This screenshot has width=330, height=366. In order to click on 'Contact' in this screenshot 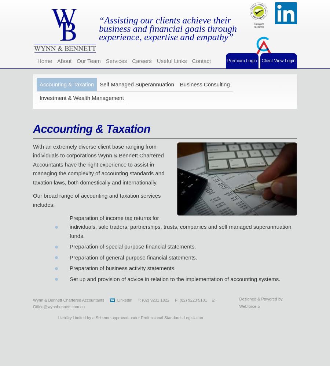, I will do `click(201, 60)`.